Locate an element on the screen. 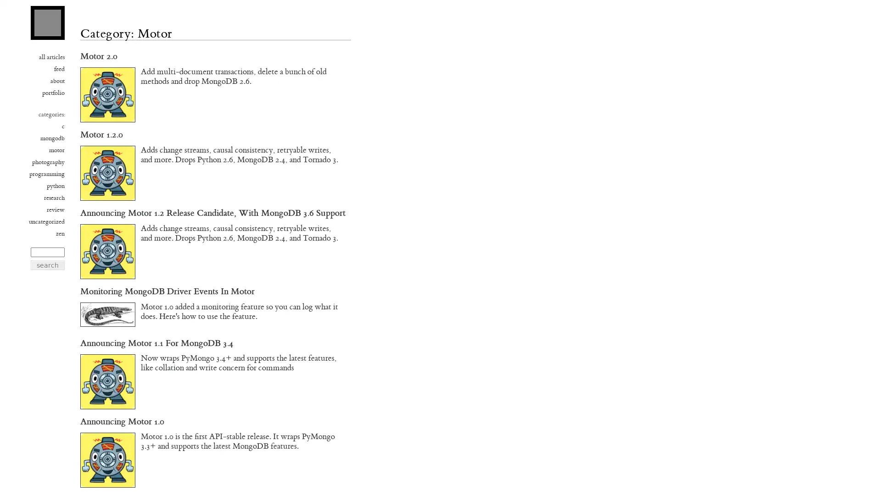  search is located at coordinates (47, 265).